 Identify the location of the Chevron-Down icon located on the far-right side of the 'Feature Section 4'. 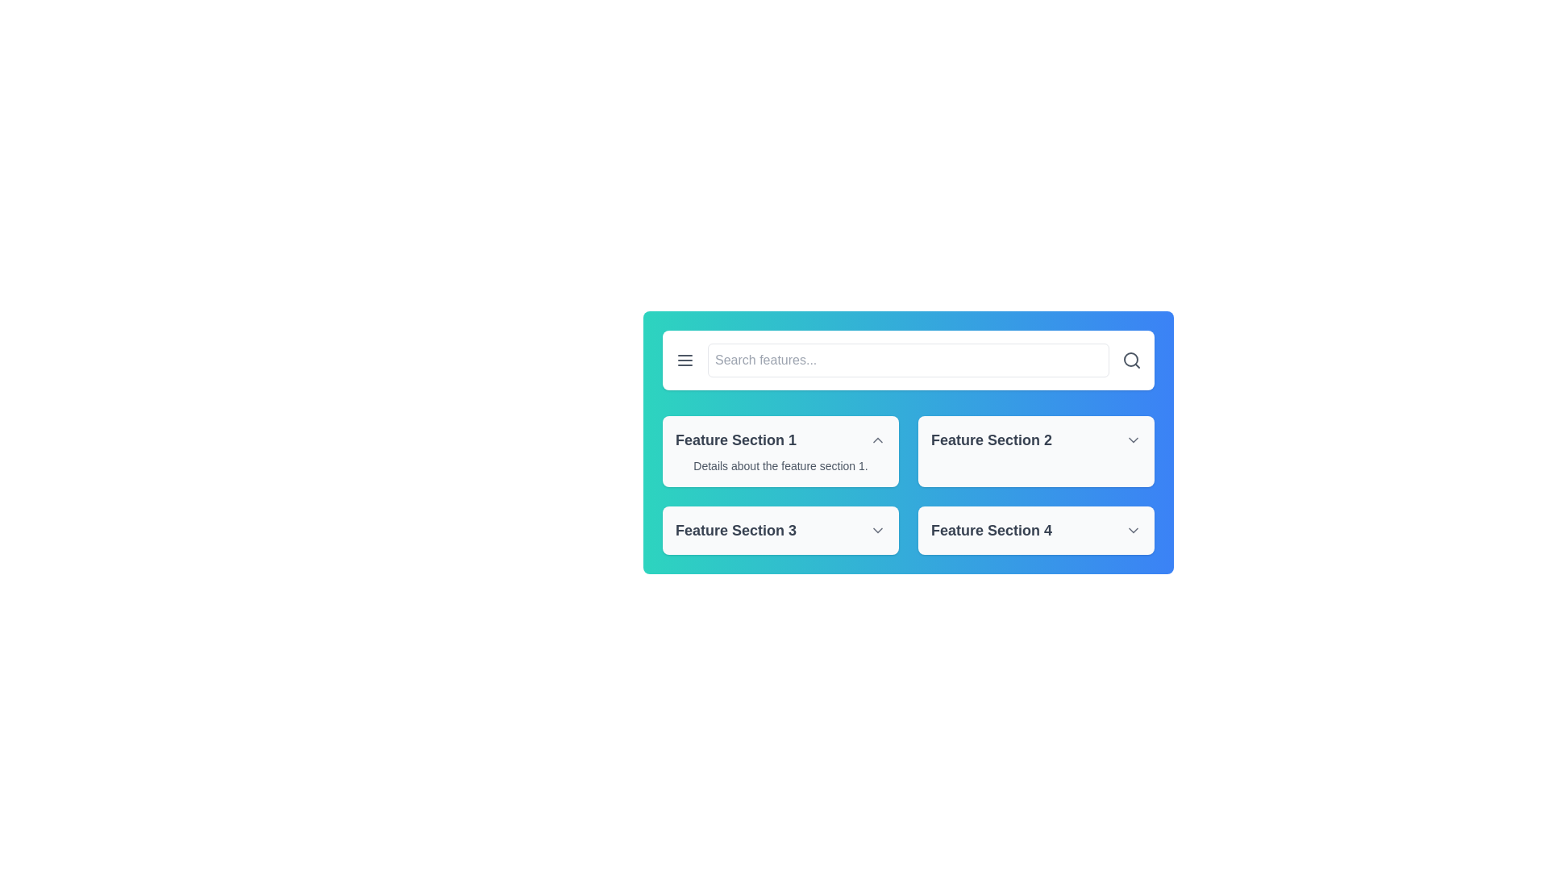
(1133, 531).